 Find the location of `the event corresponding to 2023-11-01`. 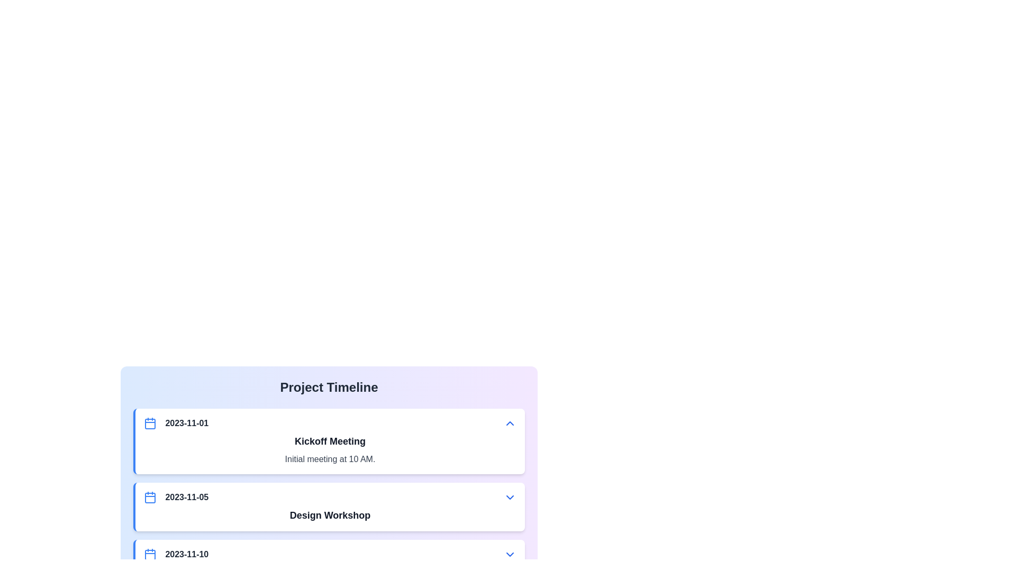

the event corresponding to 2023-11-01 is located at coordinates (329, 441).